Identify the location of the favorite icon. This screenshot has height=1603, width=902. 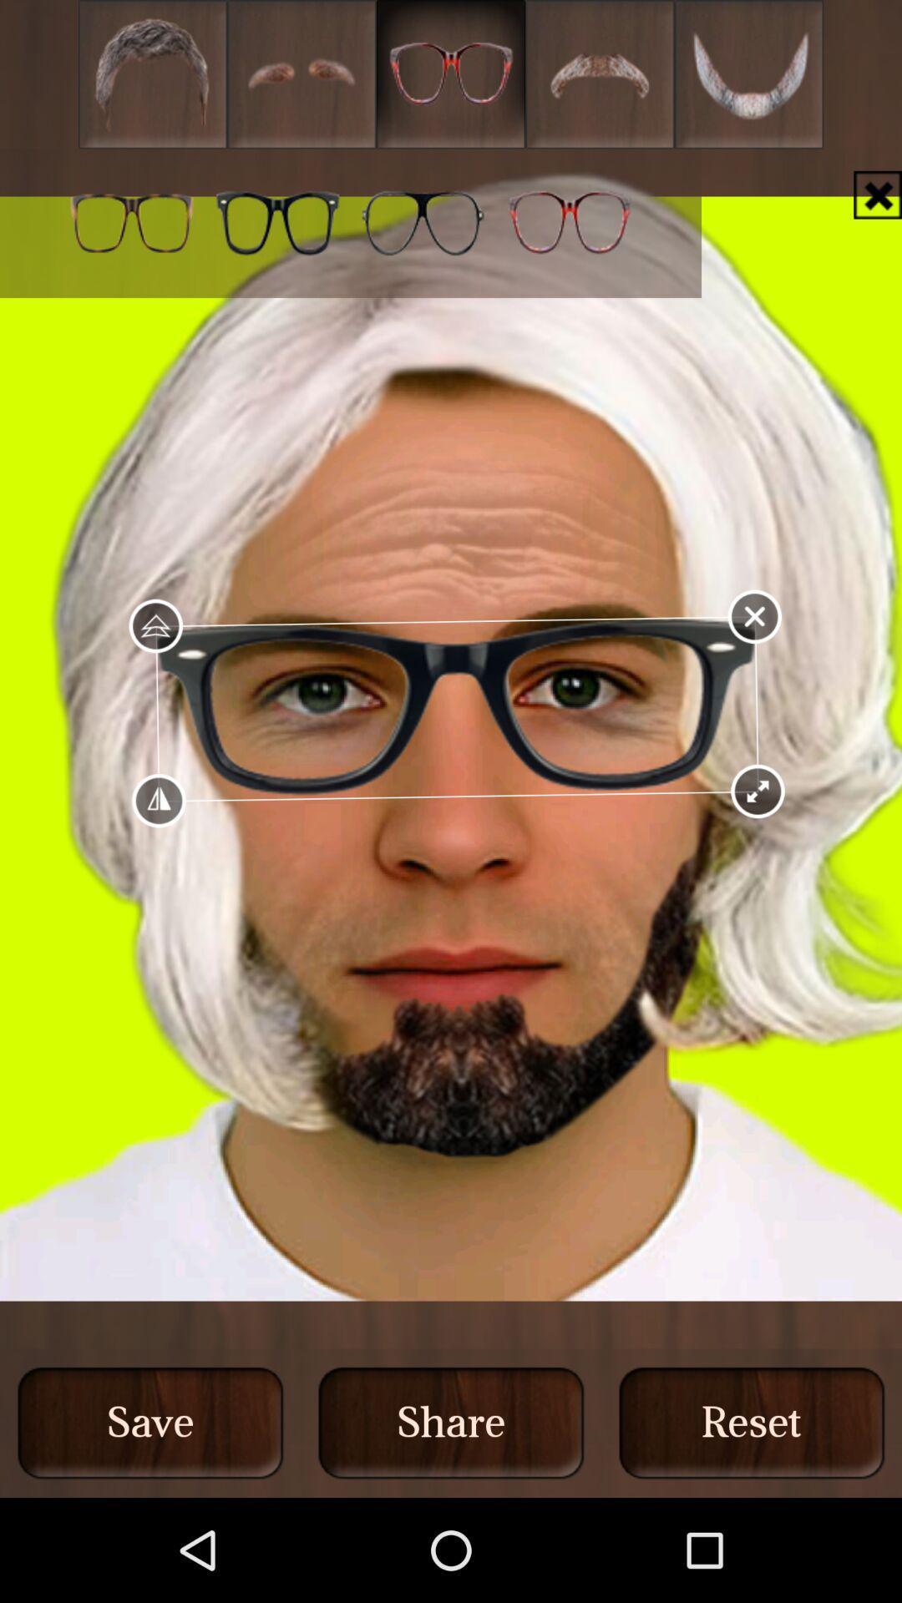
(569, 238).